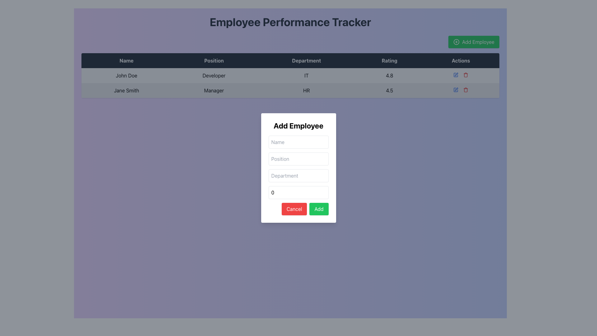 This screenshot has width=597, height=336. What do you see at coordinates (126, 75) in the screenshot?
I see `text element 'John Doe' which is the first item in the row under the 'Name' column of the table layout` at bounding box center [126, 75].